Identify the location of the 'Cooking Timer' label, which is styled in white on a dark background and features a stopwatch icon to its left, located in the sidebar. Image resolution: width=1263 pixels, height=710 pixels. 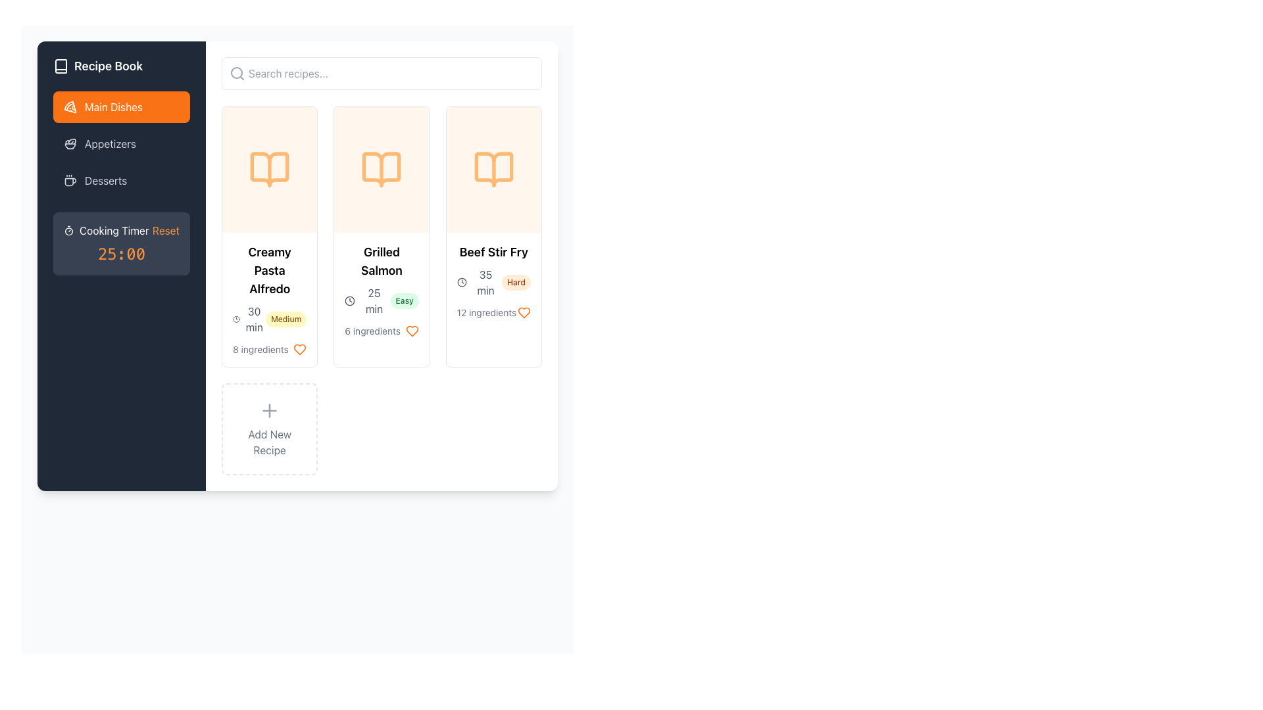
(106, 230).